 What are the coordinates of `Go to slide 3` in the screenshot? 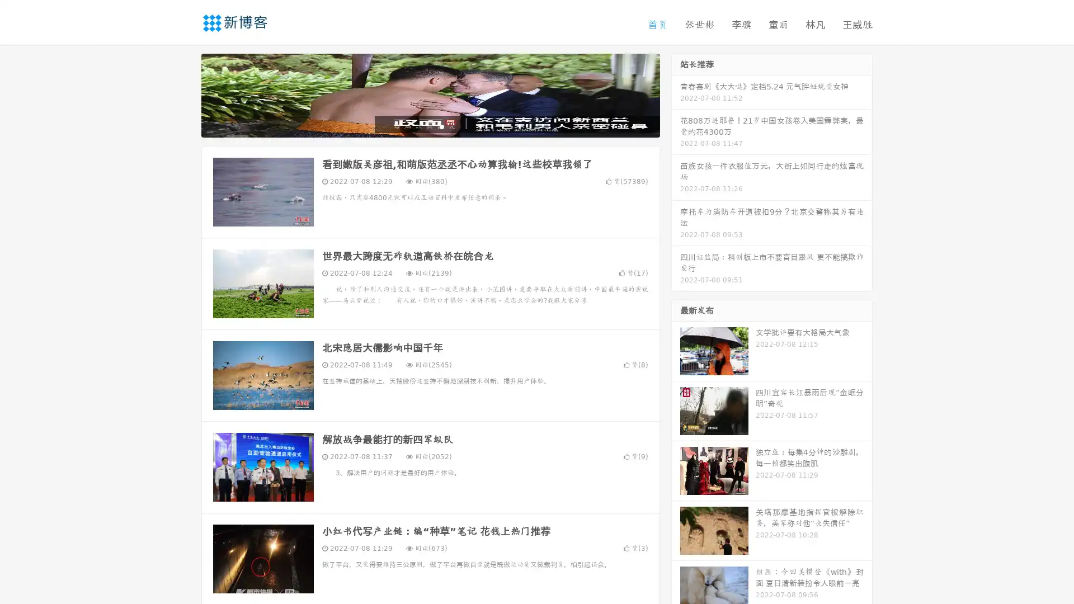 It's located at (441, 126).